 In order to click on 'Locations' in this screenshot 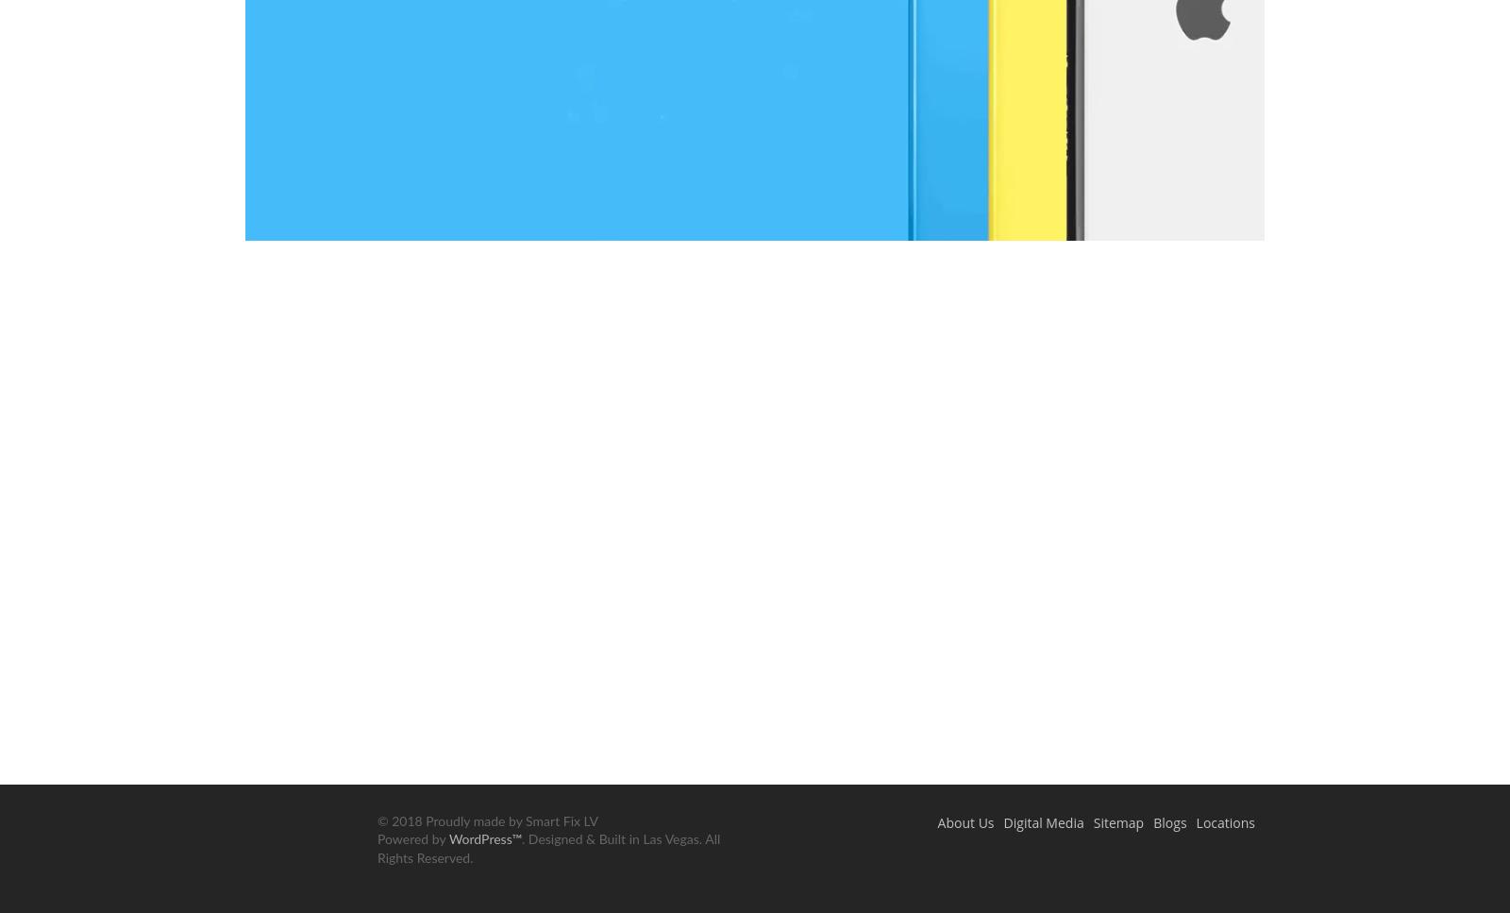, I will do `click(1224, 820)`.